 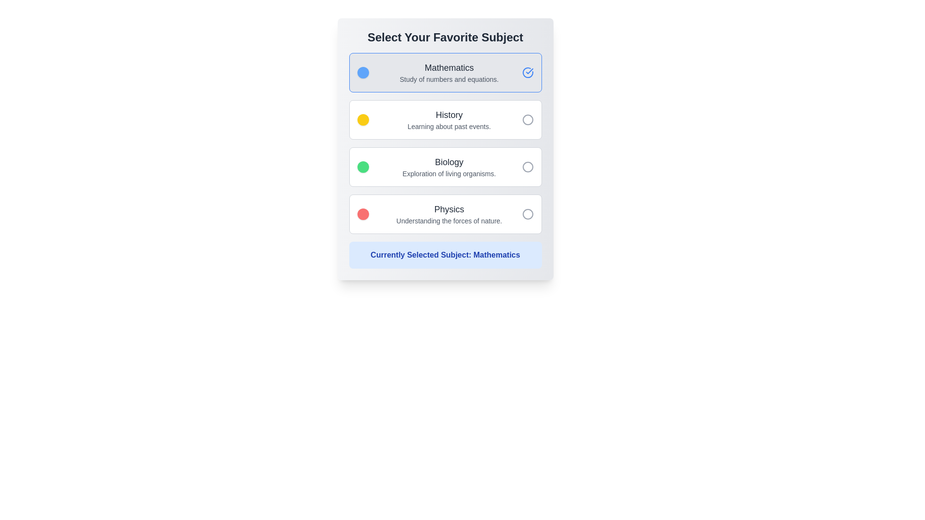 I want to click on the text label reading 'Exploration of living organisms.' which is located below the title 'Biology' in the third row of the list, so click(x=449, y=174).